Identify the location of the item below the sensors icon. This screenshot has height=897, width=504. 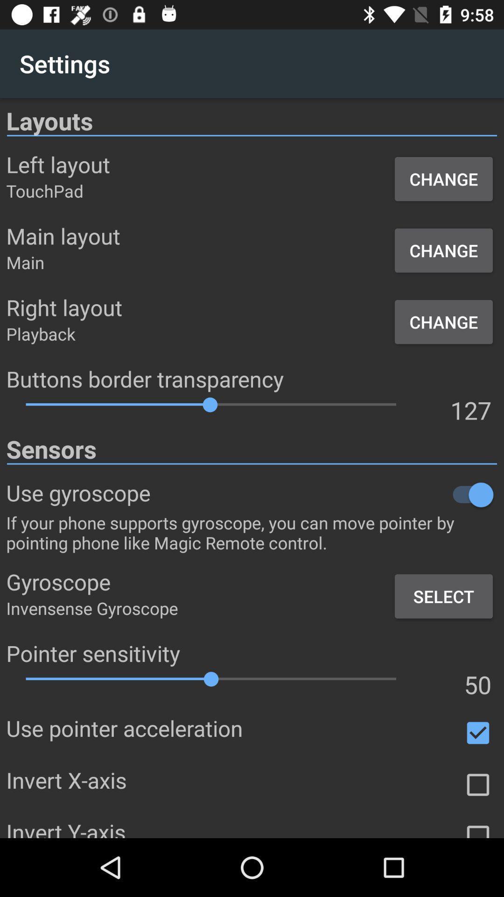
(323, 494).